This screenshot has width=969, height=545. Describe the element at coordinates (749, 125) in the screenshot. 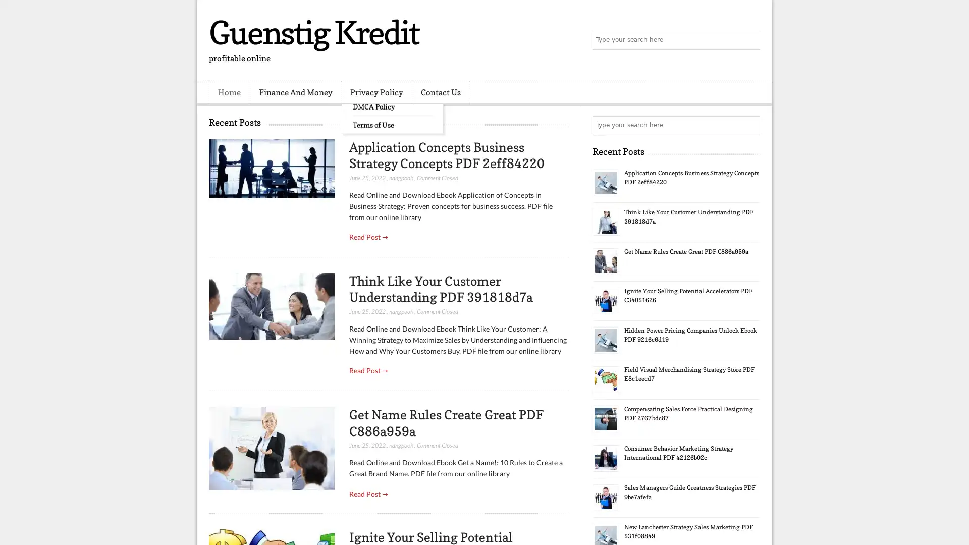

I see `Search` at that location.